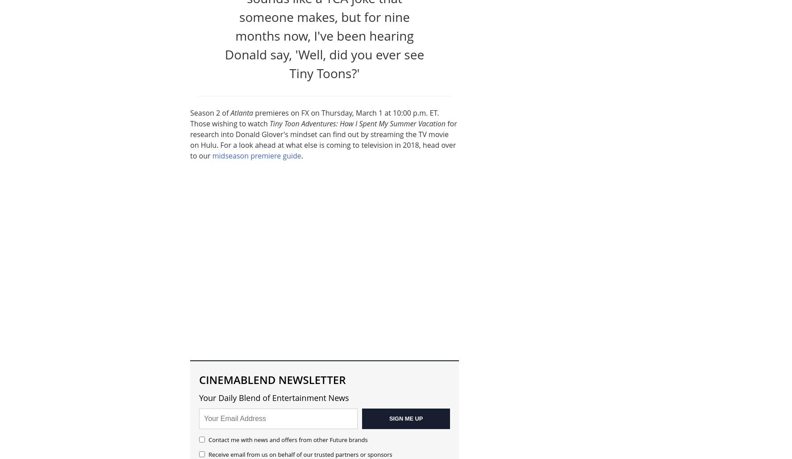  What do you see at coordinates (241, 112) in the screenshot?
I see `'Atlanta'` at bounding box center [241, 112].